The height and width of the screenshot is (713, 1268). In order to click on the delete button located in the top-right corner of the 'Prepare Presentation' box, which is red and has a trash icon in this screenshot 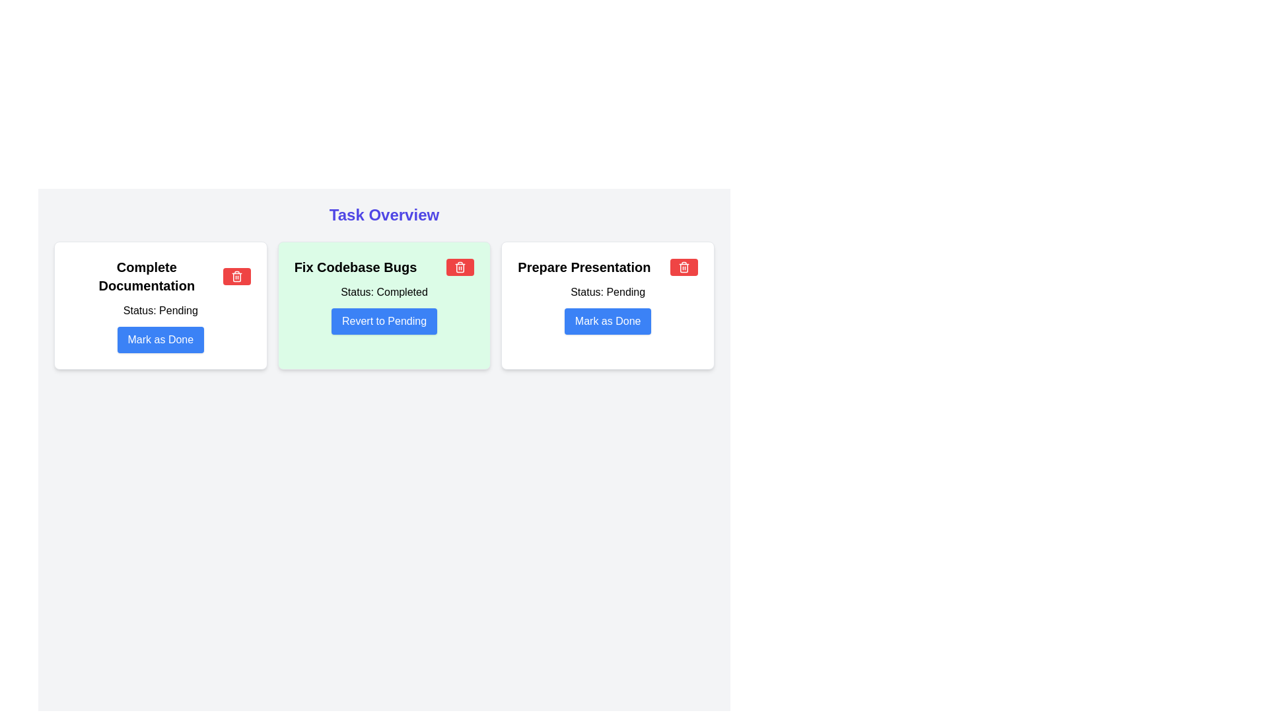, I will do `click(684, 267)`.